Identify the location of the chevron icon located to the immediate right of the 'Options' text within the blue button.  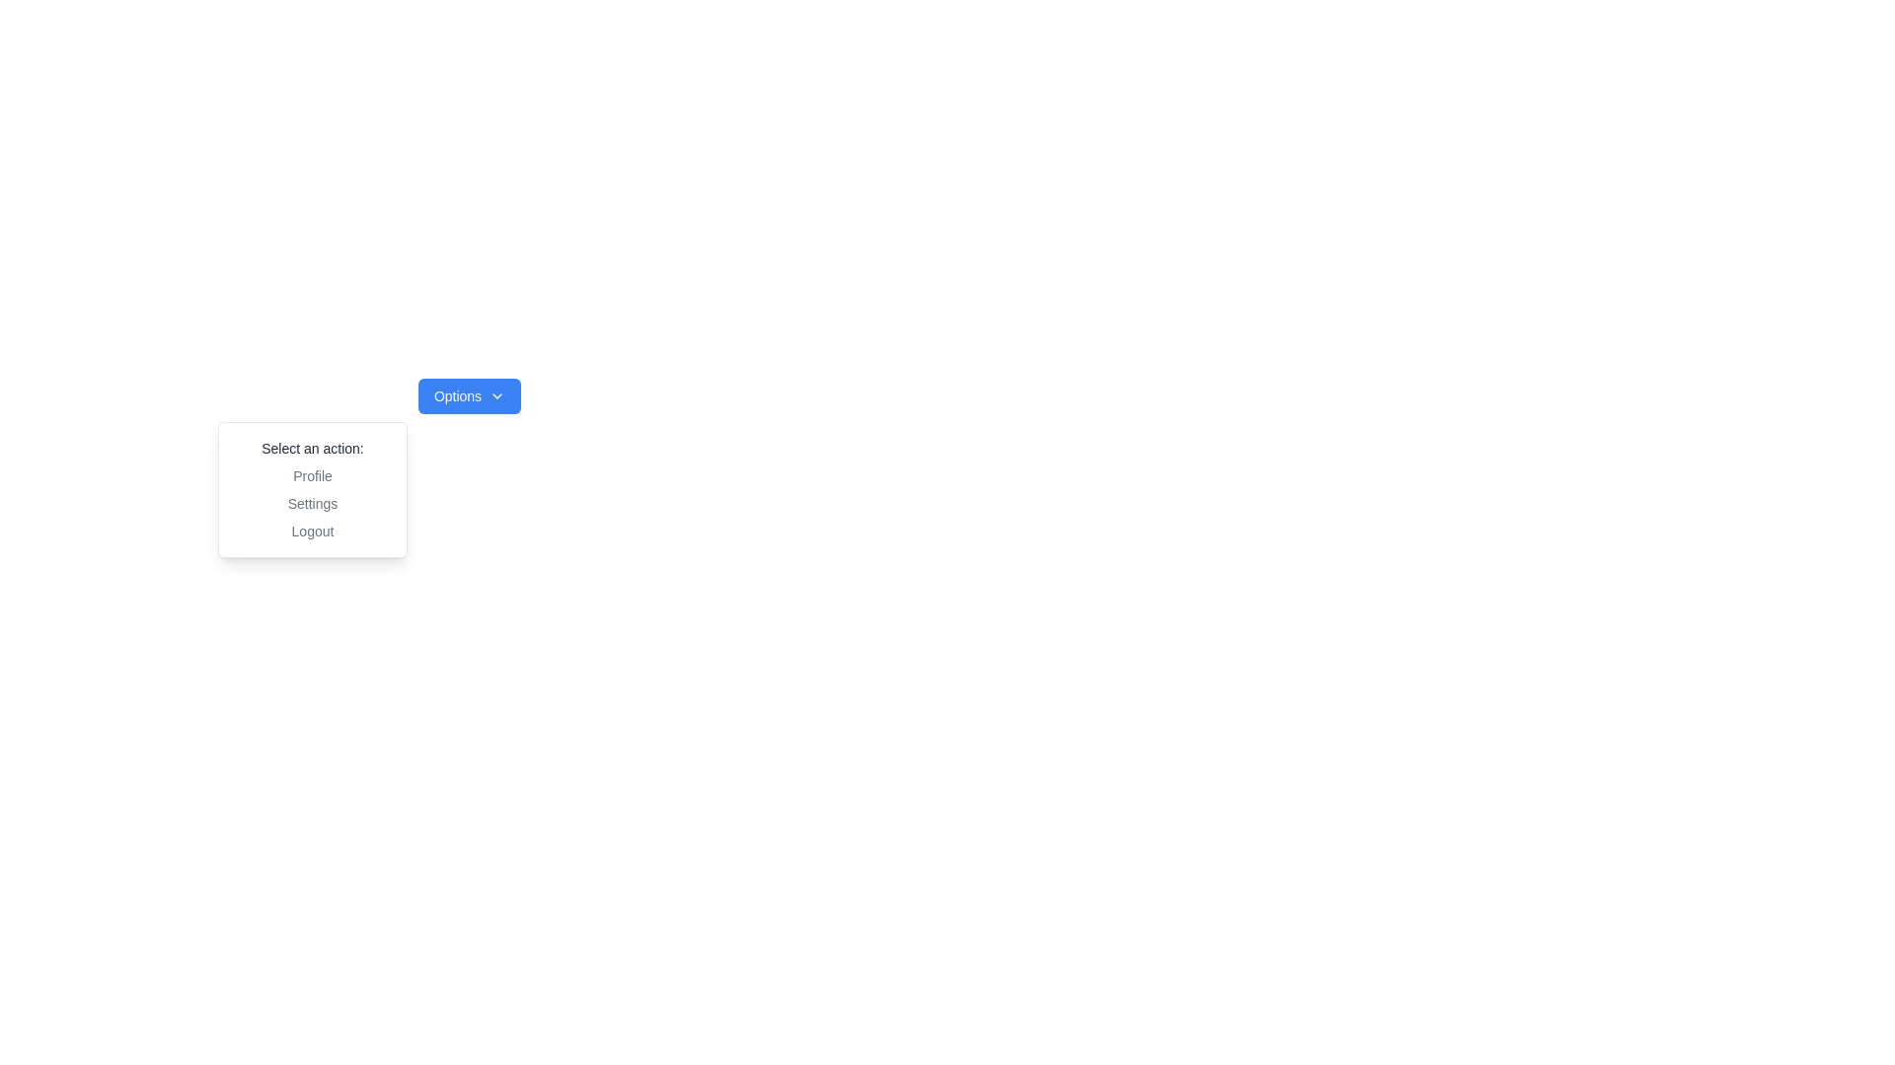
(497, 395).